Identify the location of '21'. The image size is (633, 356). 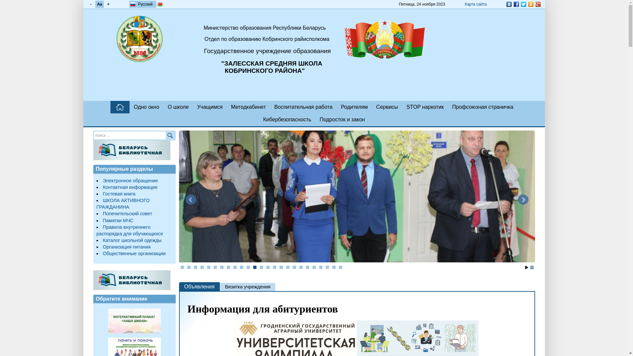
(314, 267).